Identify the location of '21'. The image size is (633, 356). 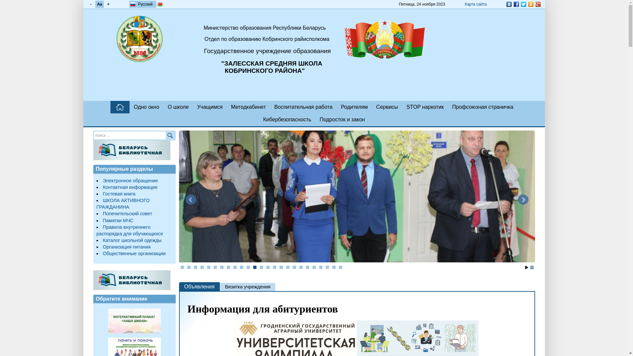
(314, 267).